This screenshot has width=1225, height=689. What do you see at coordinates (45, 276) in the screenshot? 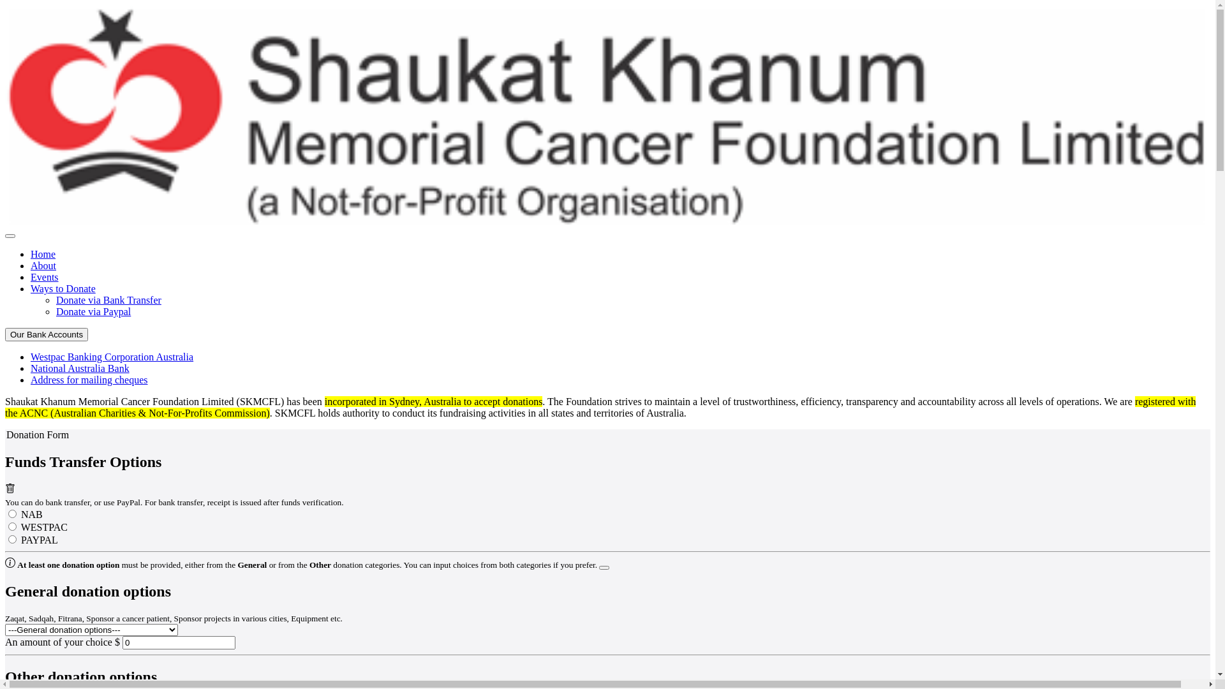
I see `'Events'` at bounding box center [45, 276].